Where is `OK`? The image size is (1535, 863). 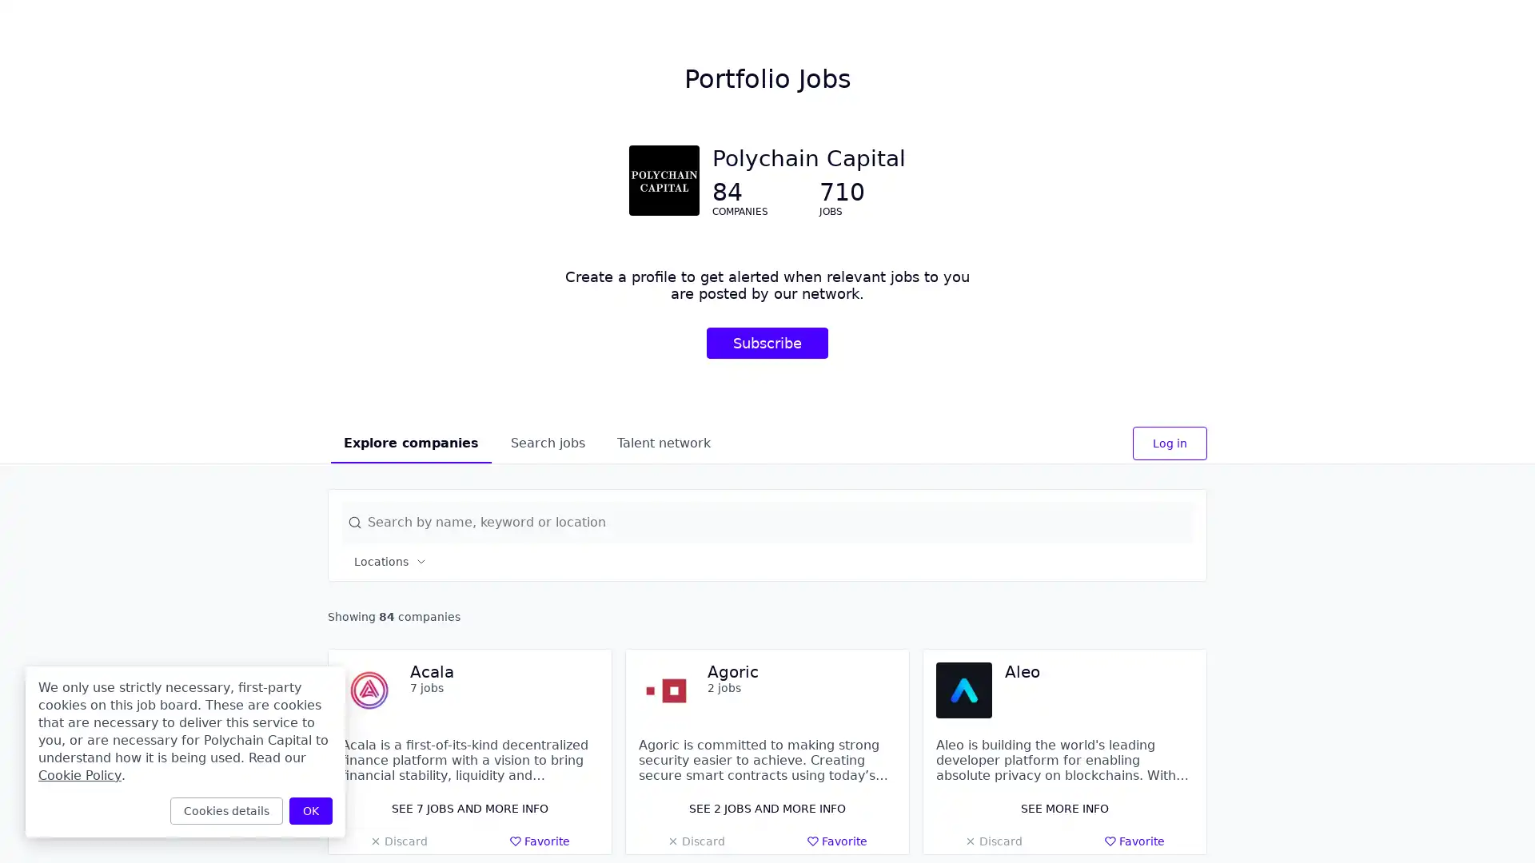 OK is located at coordinates (310, 810).